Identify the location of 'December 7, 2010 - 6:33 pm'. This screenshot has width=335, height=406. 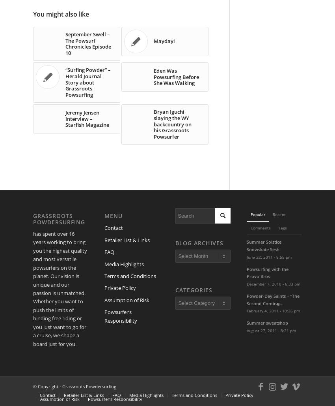
(246, 283).